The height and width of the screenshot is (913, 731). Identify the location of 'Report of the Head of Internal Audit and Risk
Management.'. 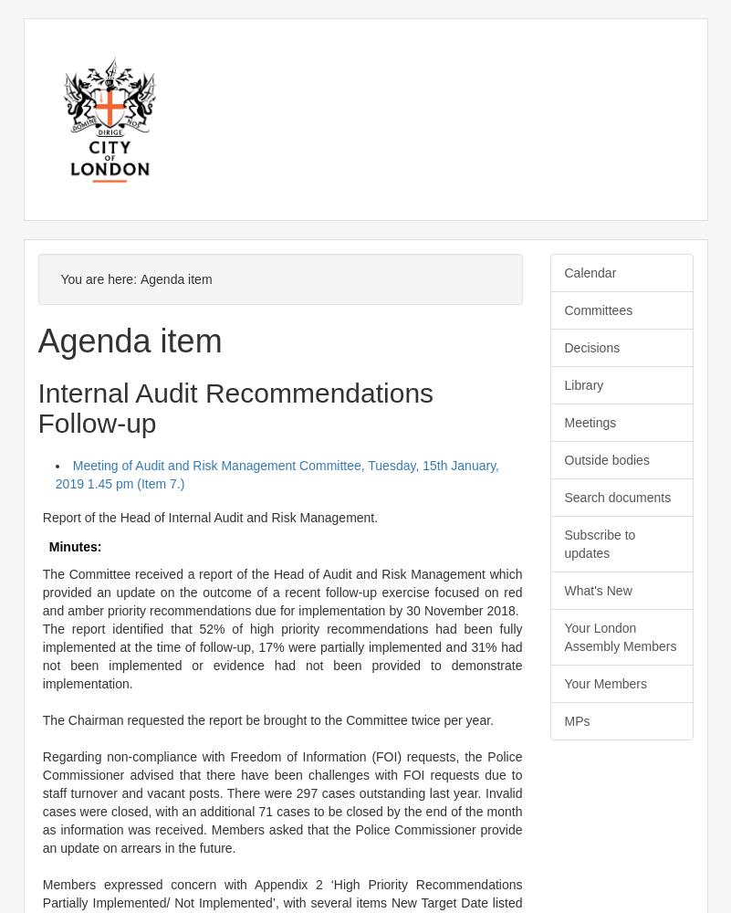
(209, 516).